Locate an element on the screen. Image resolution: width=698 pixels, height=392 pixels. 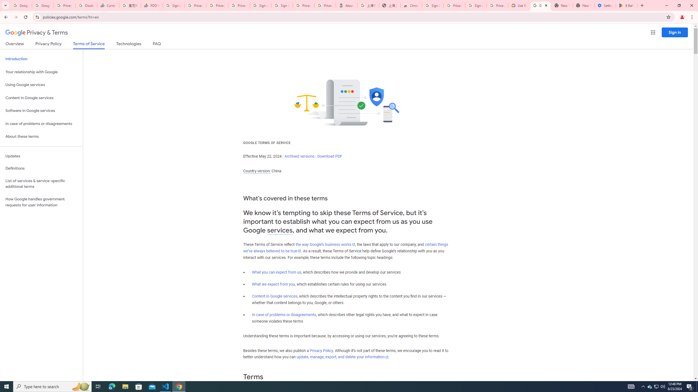
'Chrome Web Store - Color themes by Chrome' is located at coordinates (411, 5).